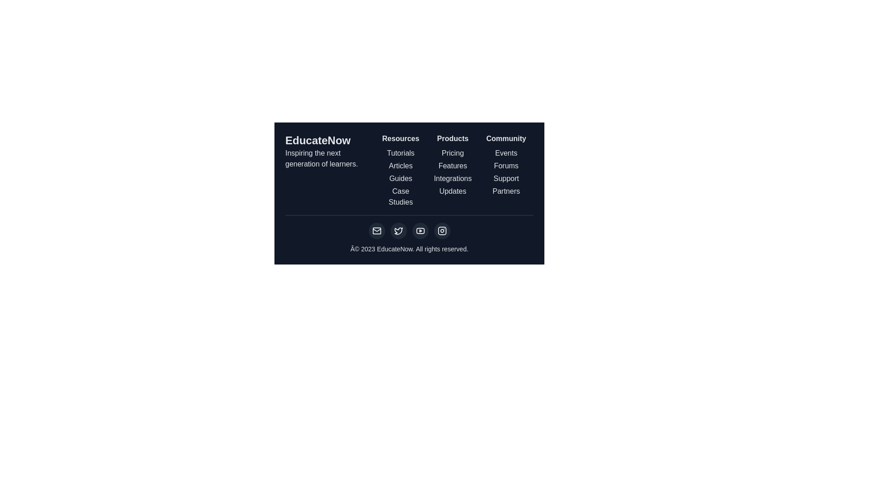 The image size is (871, 490). I want to click on the third text label in the 'Community' section located at the bottom right of the interface, so click(506, 178).